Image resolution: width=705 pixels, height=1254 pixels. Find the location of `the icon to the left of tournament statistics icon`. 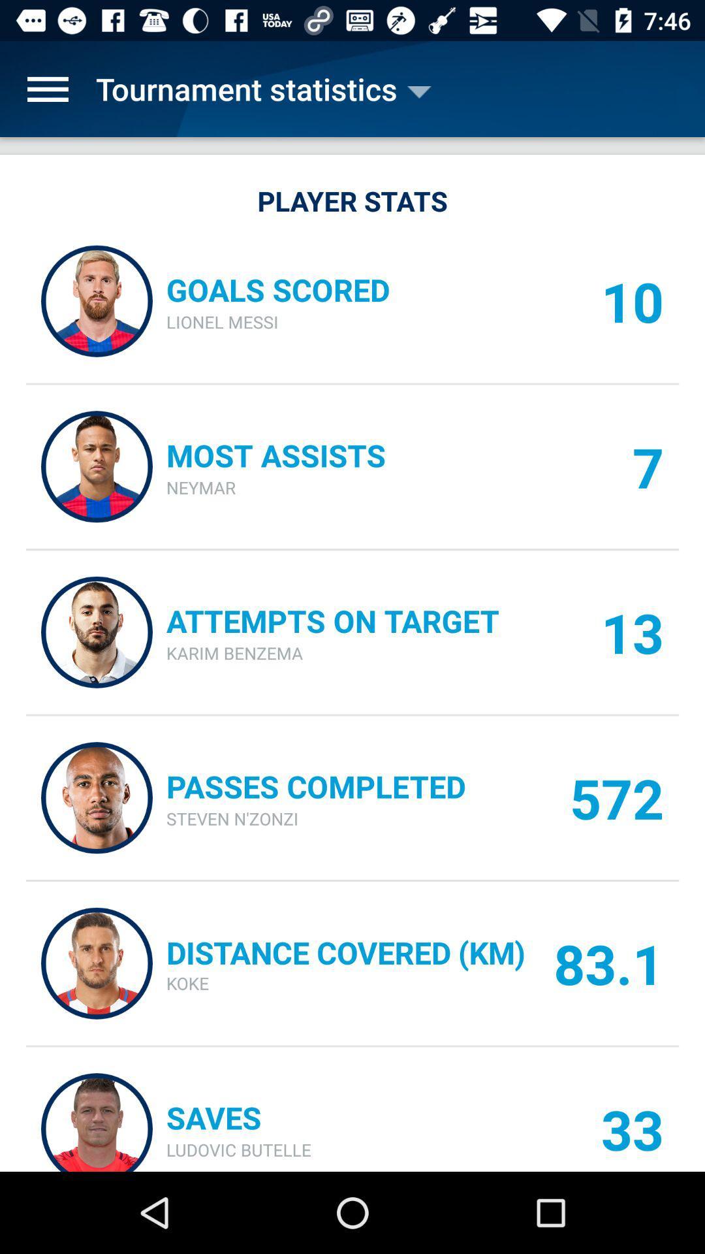

the icon to the left of tournament statistics icon is located at coordinates (47, 88).